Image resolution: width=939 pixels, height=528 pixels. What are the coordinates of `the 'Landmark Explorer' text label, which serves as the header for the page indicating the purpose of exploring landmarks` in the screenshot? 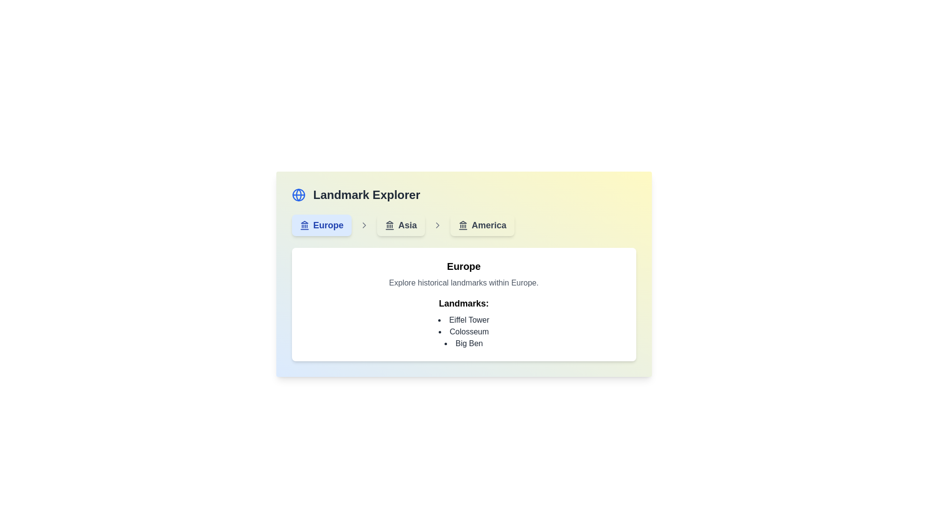 It's located at (366, 195).